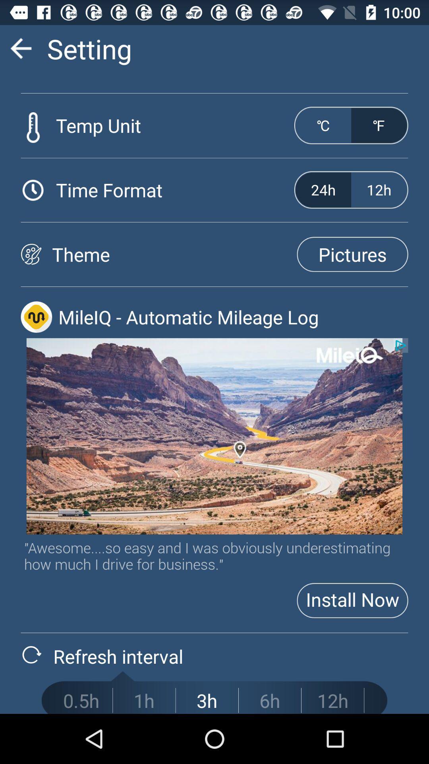  Describe the element at coordinates (323, 125) in the screenshot. I see `the item next to the temp unit` at that location.